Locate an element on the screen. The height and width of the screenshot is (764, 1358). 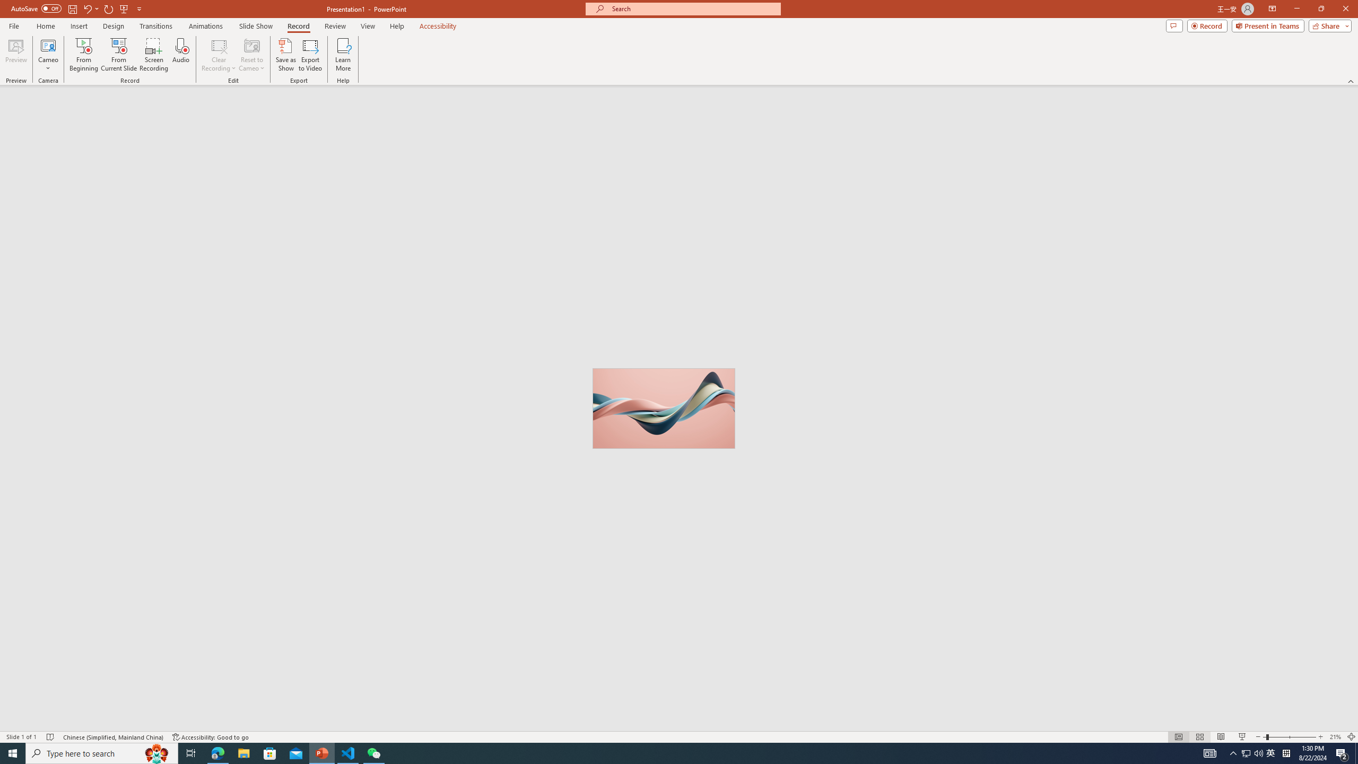
'Wavy 3D art' is located at coordinates (664, 408).